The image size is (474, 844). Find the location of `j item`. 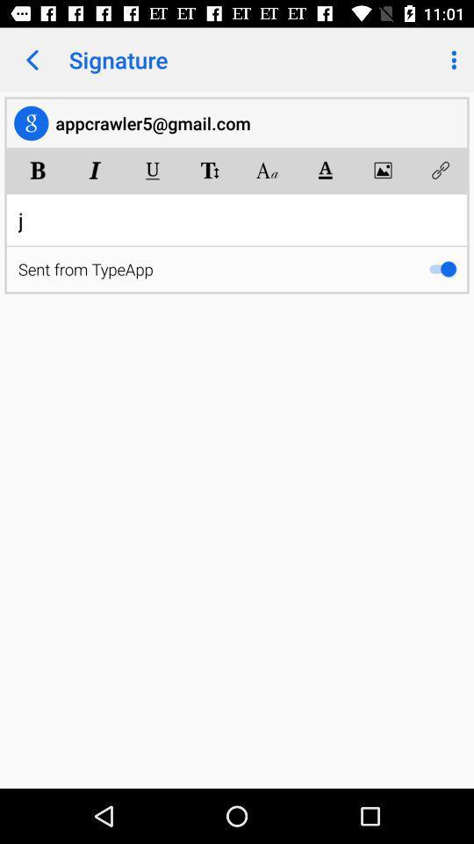

j item is located at coordinates (237, 219).